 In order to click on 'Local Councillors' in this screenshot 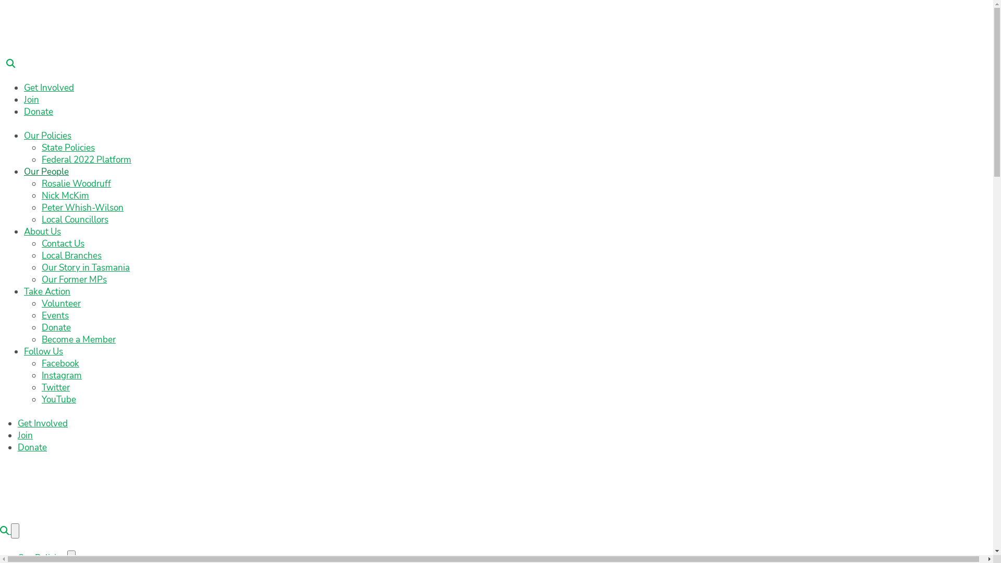, I will do `click(75, 219)`.